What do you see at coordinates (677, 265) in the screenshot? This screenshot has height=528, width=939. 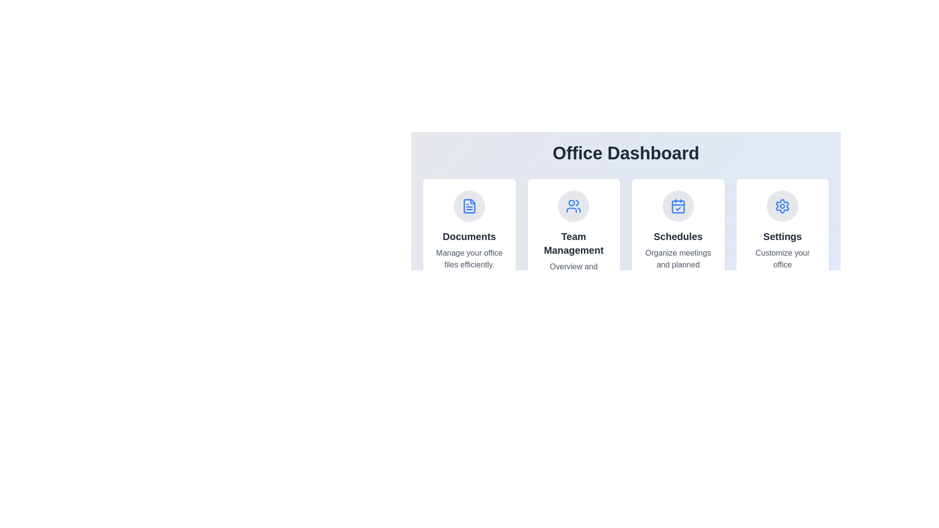 I see `the text label providing additional information about the 'Schedules' option, located below the title 'Schedules' within the third card from the left in the grid layout` at bounding box center [677, 265].